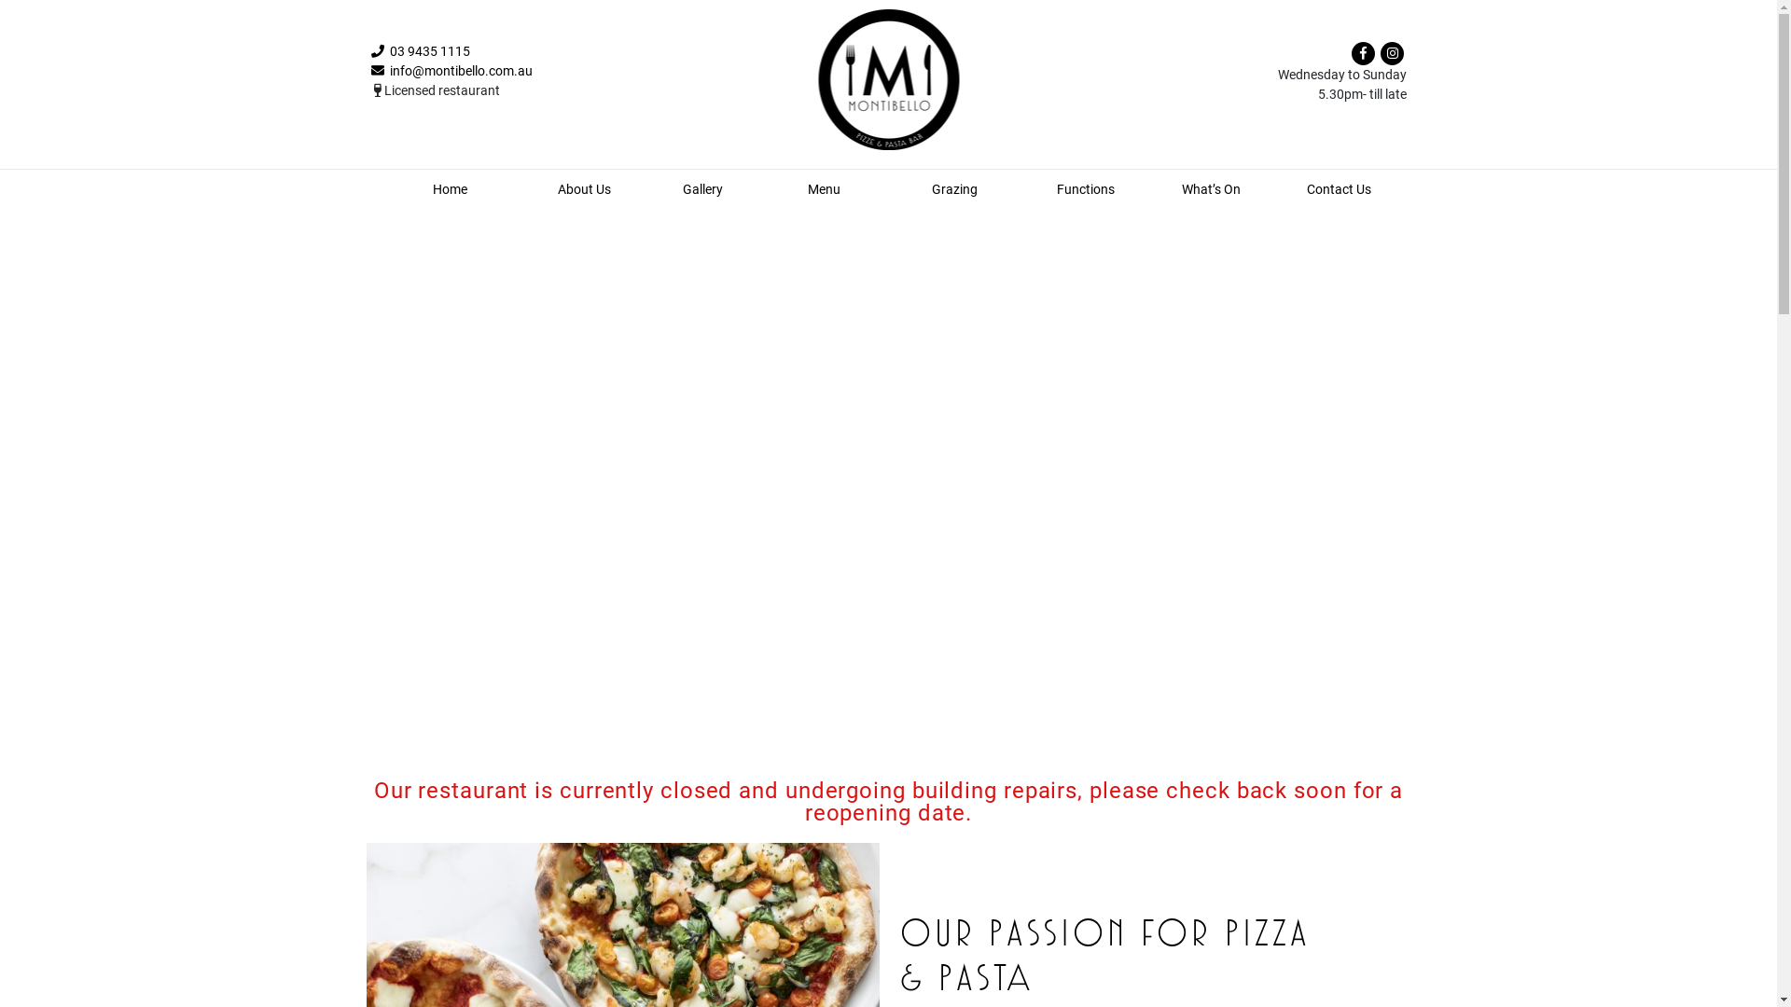 The width and height of the screenshot is (1791, 1007). Describe the element at coordinates (701, 189) in the screenshot. I see `'Gallery'` at that location.